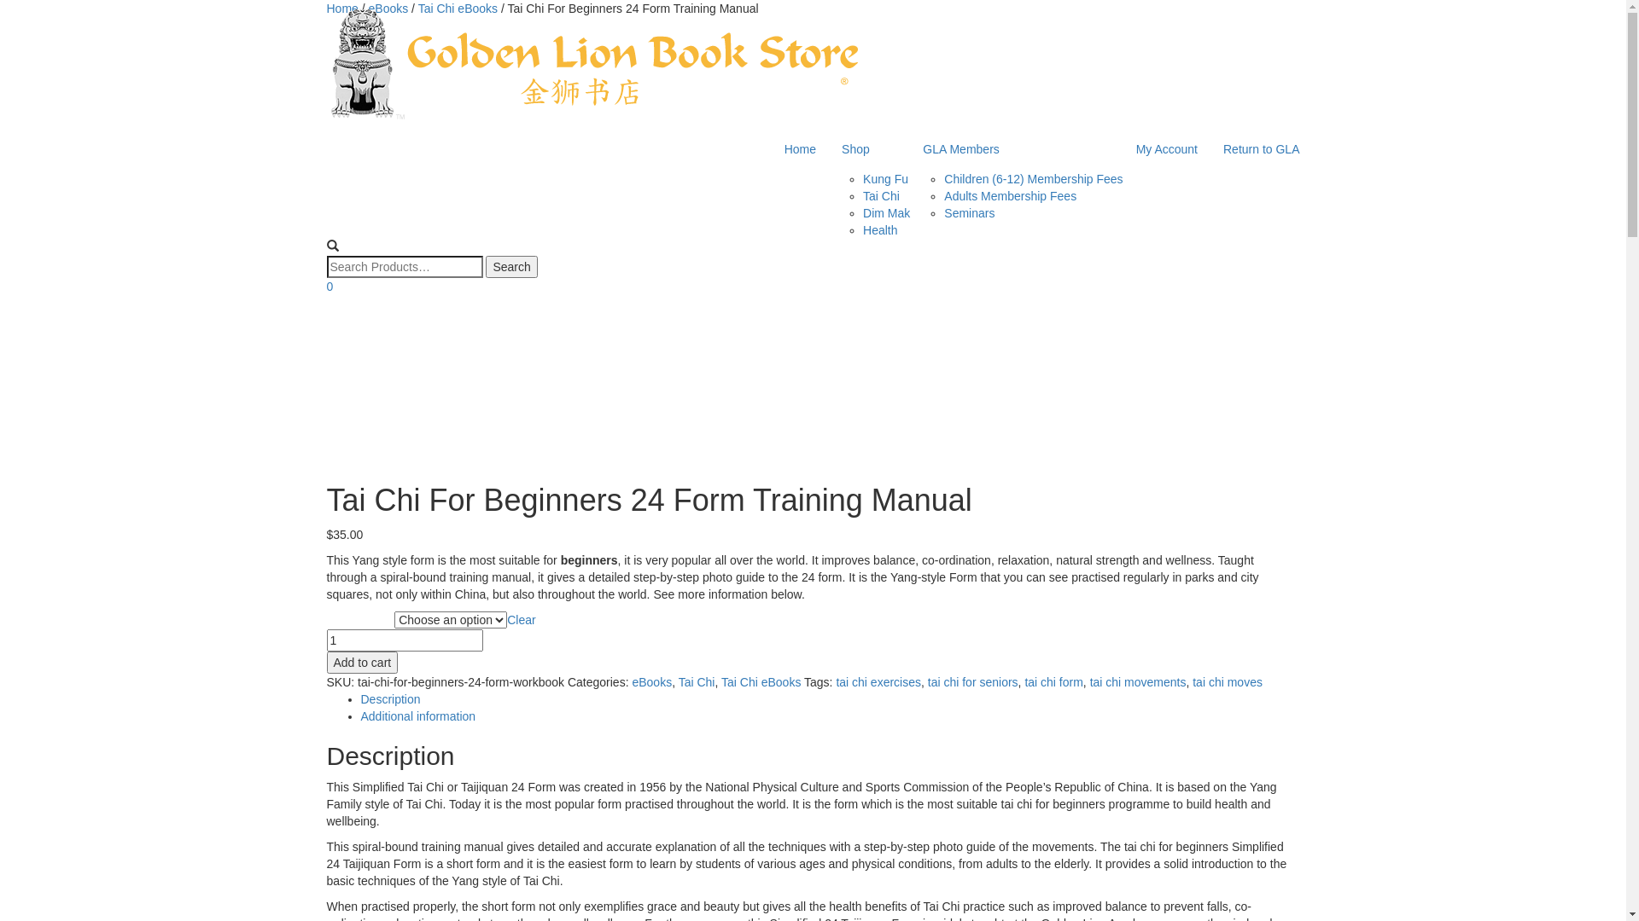 The width and height of the screenshot is (1639, 921). Describe the element at coordinates (836, 681) in the screenshot. I see `'tai chi exercises'` at that location.